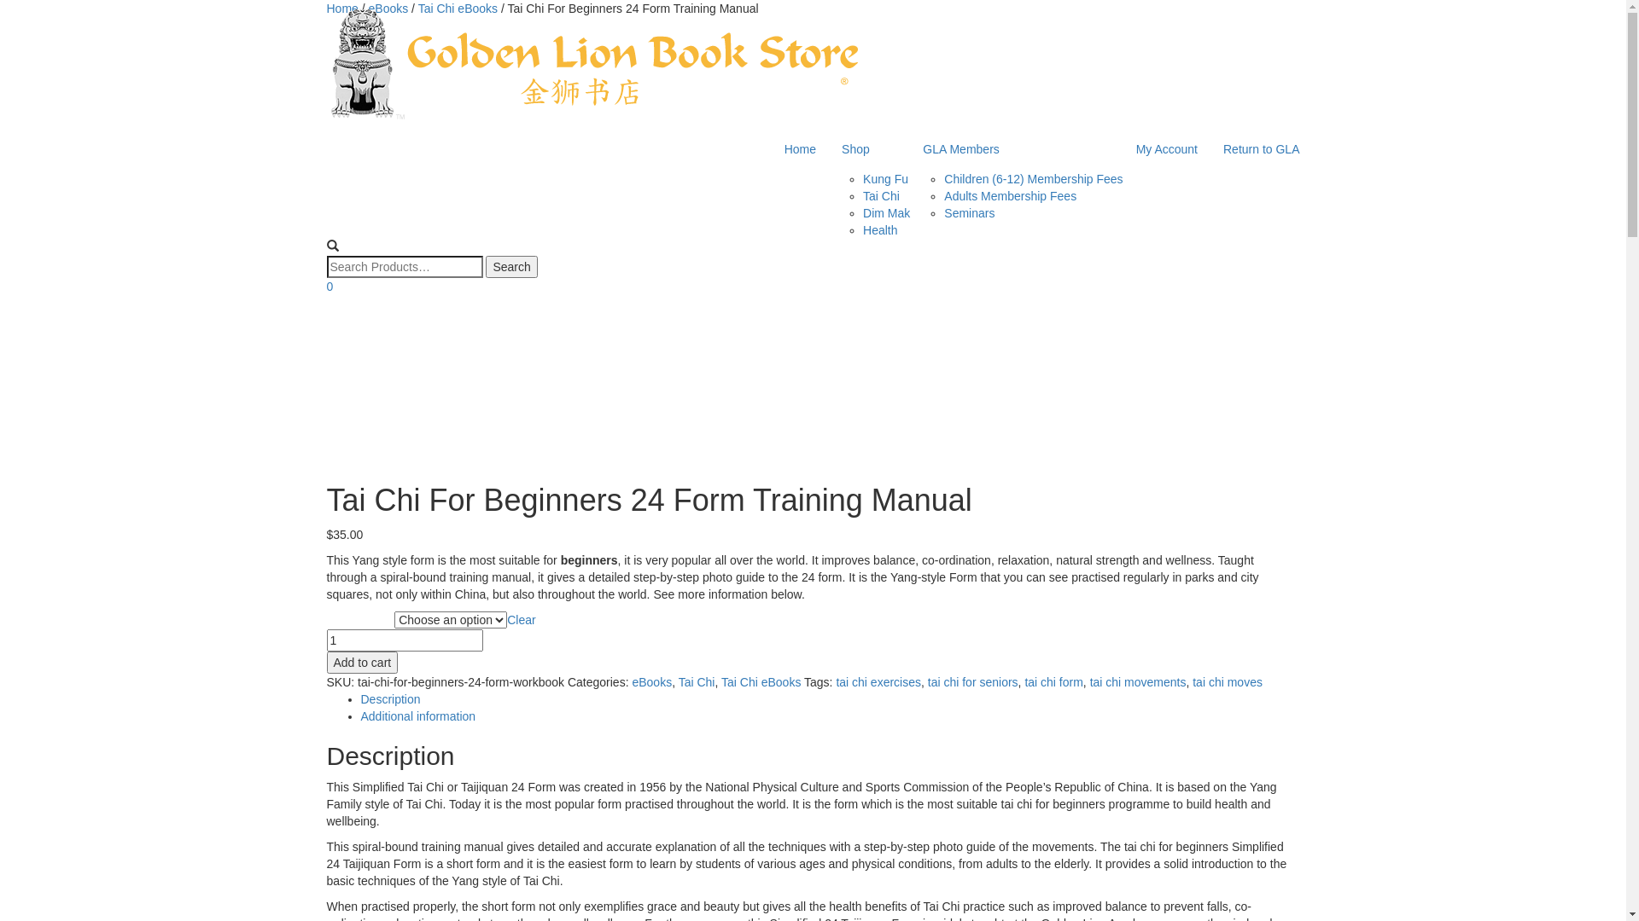 The width and height of the screenshot is (1639, 921). Describe the element at coordinates (836, 681) in the screenshot. I see `'tai chi exercises'` at that location.